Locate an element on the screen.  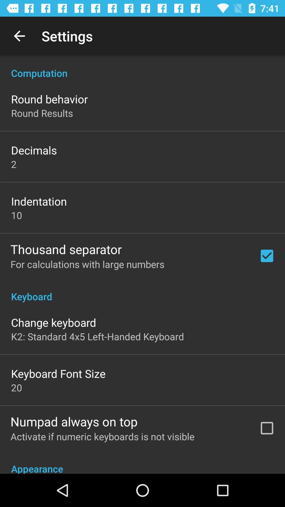
the icon above the appearance app is located at coordinates (102, 436).